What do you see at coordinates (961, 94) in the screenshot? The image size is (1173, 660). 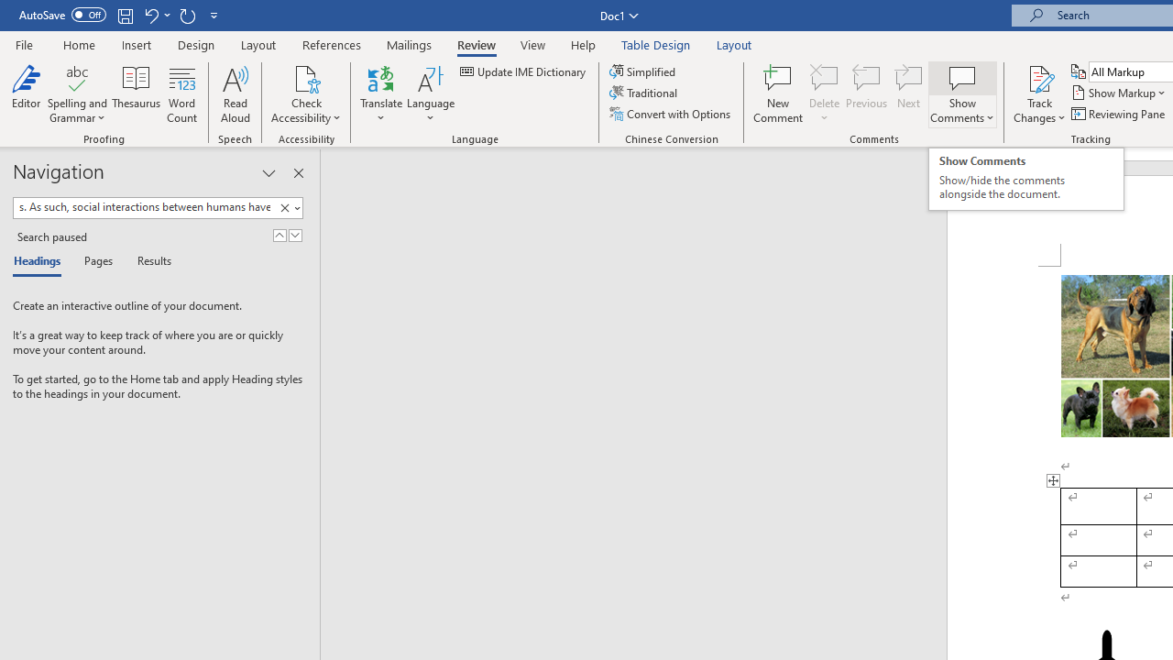 I see `'Show Comments'` at bounding box center [961, 94].